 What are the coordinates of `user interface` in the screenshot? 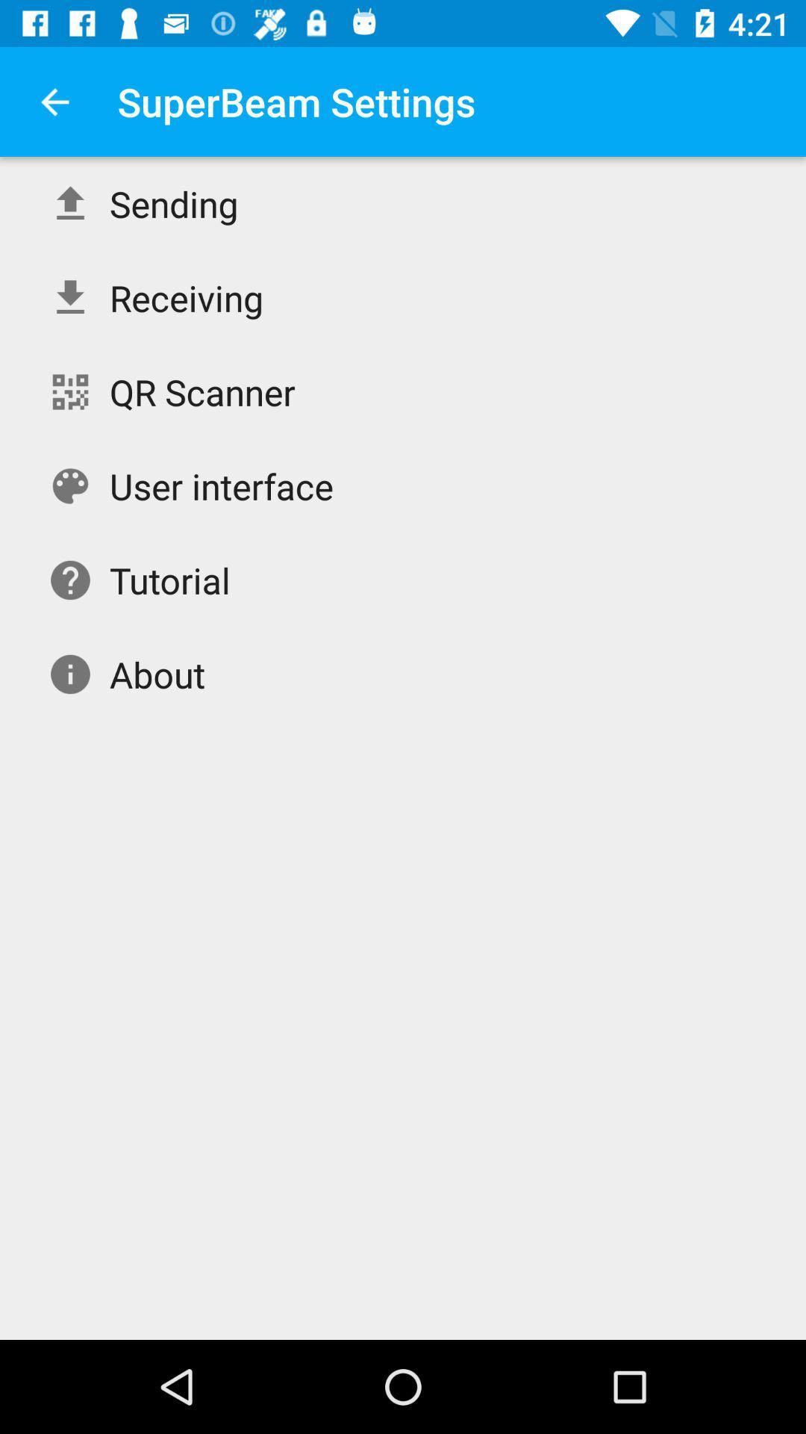 It's located at (222, 486).